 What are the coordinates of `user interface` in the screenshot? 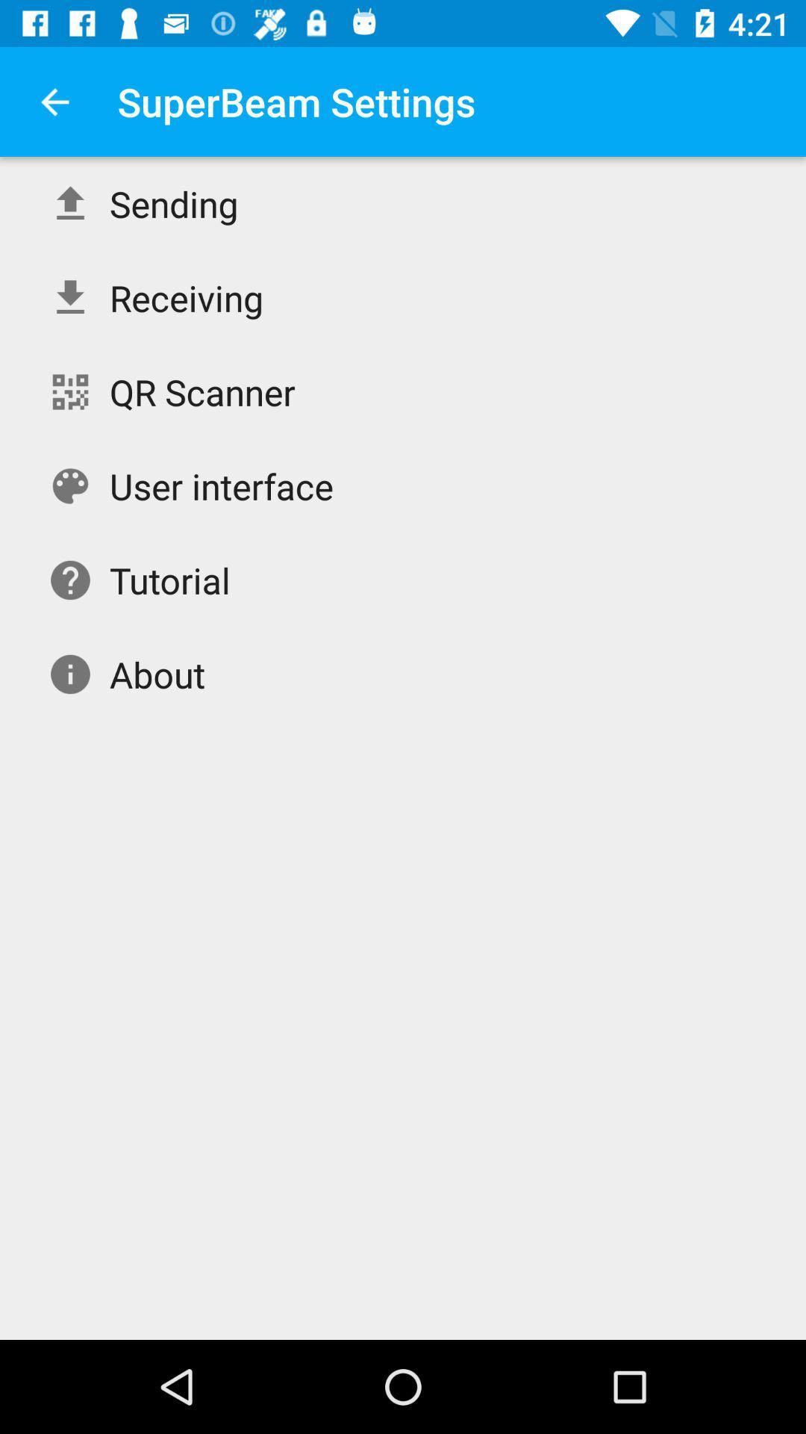 It's located at (222, 486).